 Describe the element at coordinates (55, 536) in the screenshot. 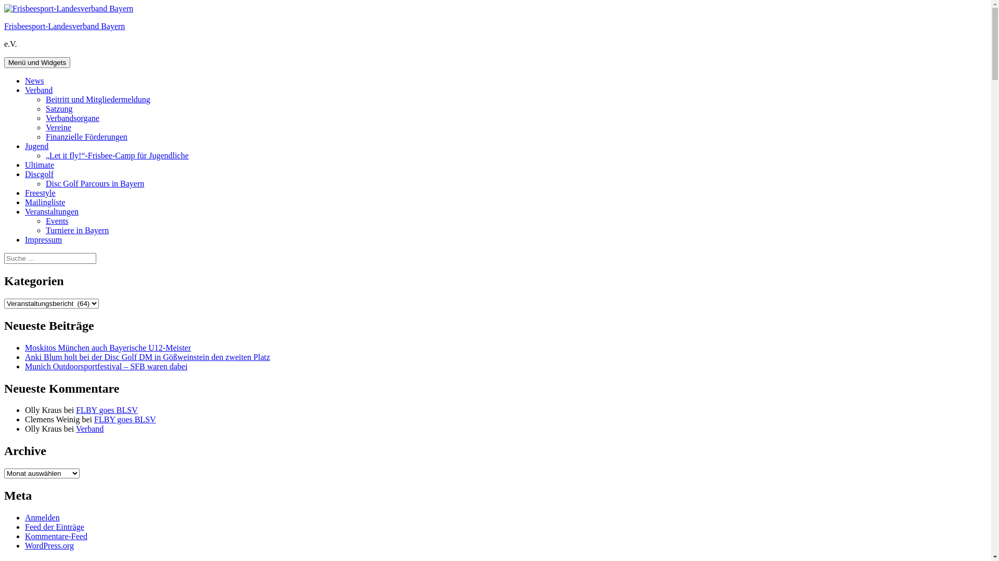

I see `'Kommentare-Feed'` at that location.